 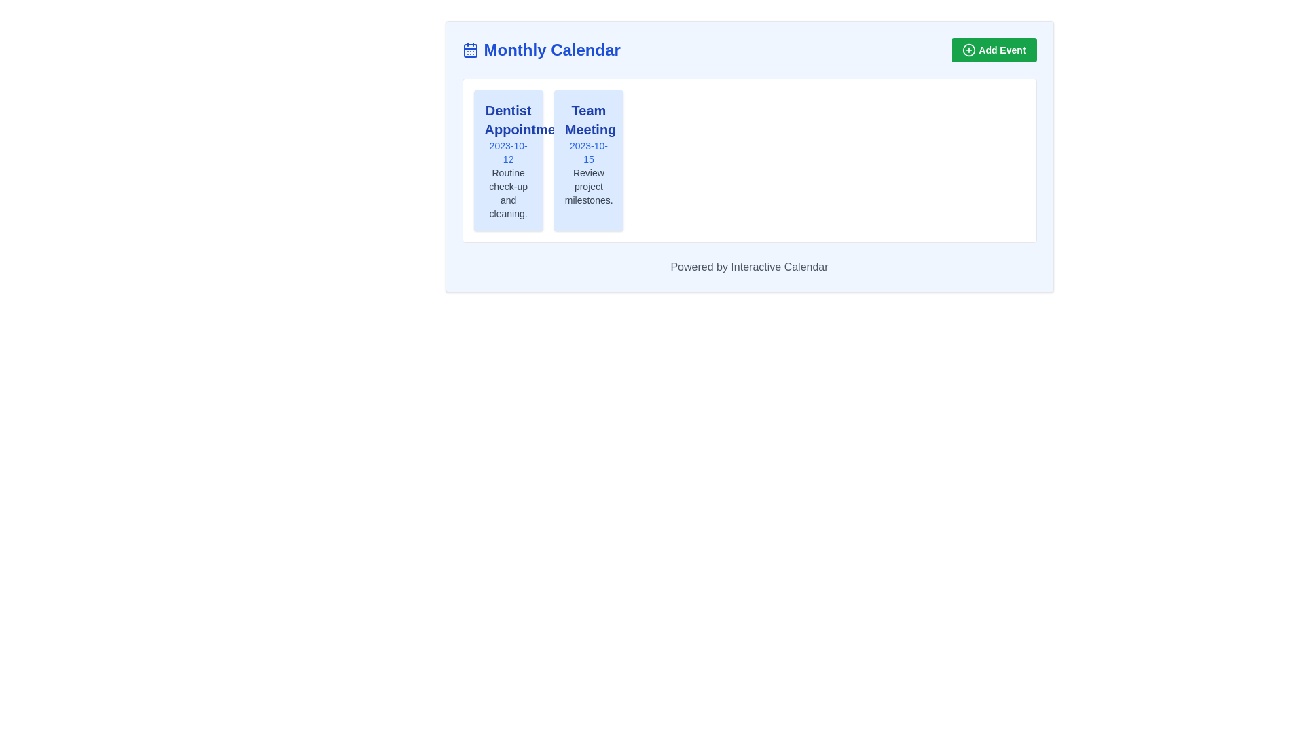 What do you see at coordinates (588, 119) in the screenshot?
I see `the text label displaying 'Team Meeting' in bold, extra-large blue font, which is located at the top of a card layout within a calendar grid` at bounding box center [588, 119].